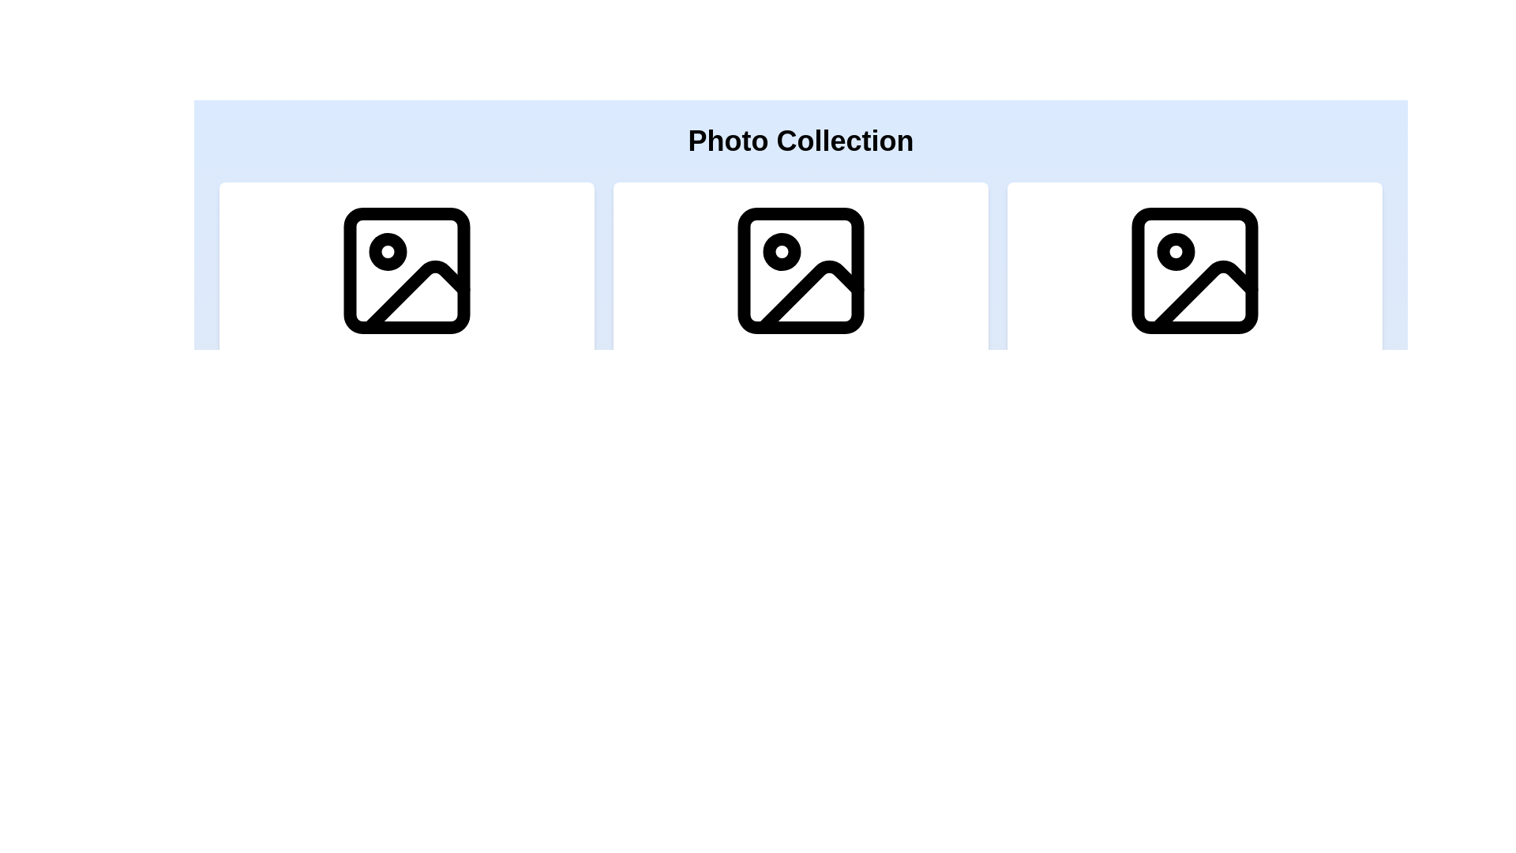 This screenshot has height=853, width=1516. I want to click on the icon resembling an image placeholder, styled with a square outline, circular shape in the top-left, and triangular shape in the bottom-right, so click(801, 270).